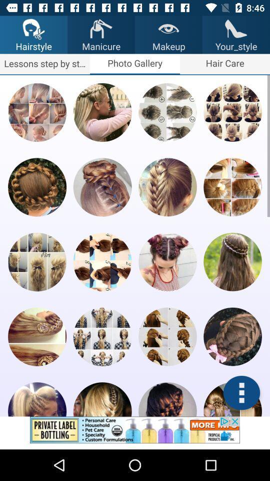 This screenshot has width=270, height=481. What do you see at coordinates (232, 186) in the screenshot?
I see `hair image` at bounding box center [232, 186].